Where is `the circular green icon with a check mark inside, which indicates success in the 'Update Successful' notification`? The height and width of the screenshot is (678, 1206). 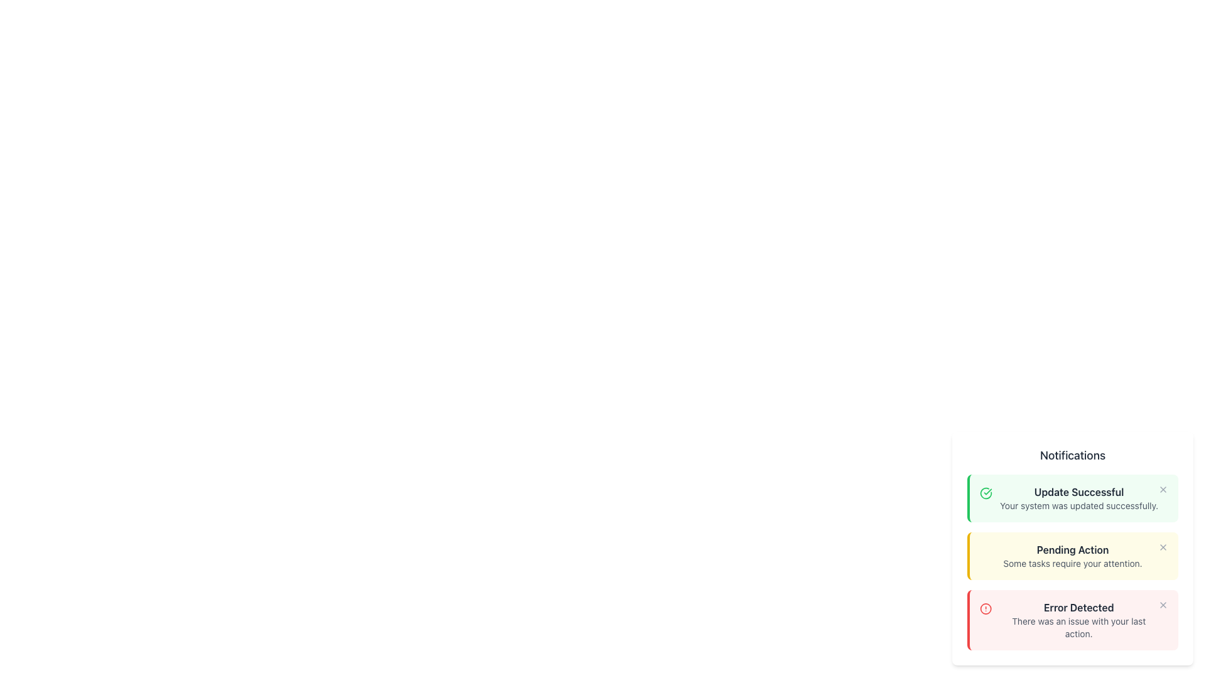
the circular green icon with a check mark inside, which indicates success in the 'Update Successful' notification is located at coordinates (985, 493).